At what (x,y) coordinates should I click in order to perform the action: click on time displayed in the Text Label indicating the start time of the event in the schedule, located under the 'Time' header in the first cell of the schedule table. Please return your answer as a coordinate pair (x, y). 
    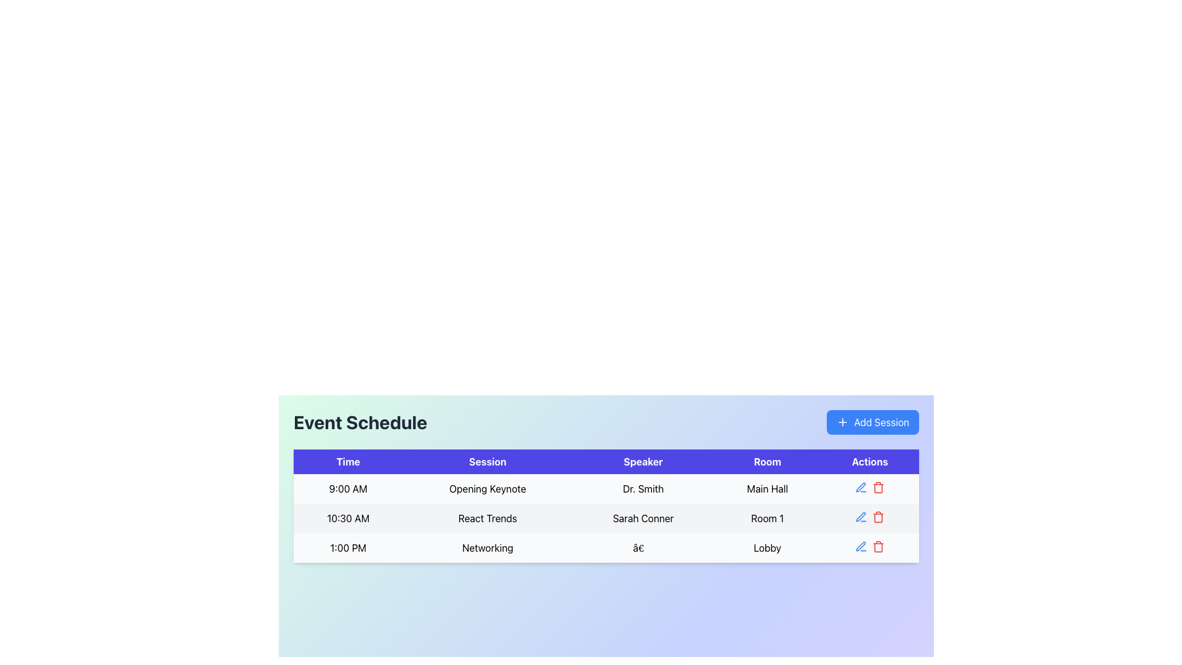
    Looking at the image, I should click on (347, 488).